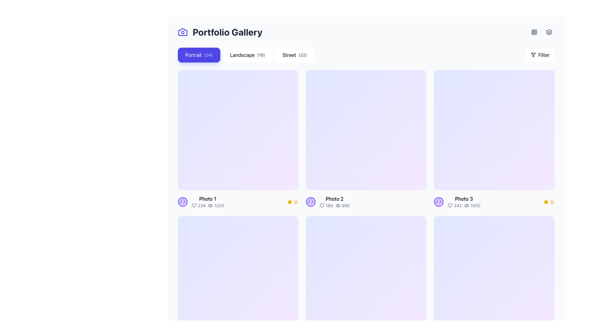 Image resolution: width=595 pixels, height=334 pixels. What do you see at coordinates (303, 54) in the screenshot?
I see `information displayed in the text label '(32)' next to the 'Street' button in the top navigation area` at bounding box center [303, 54].